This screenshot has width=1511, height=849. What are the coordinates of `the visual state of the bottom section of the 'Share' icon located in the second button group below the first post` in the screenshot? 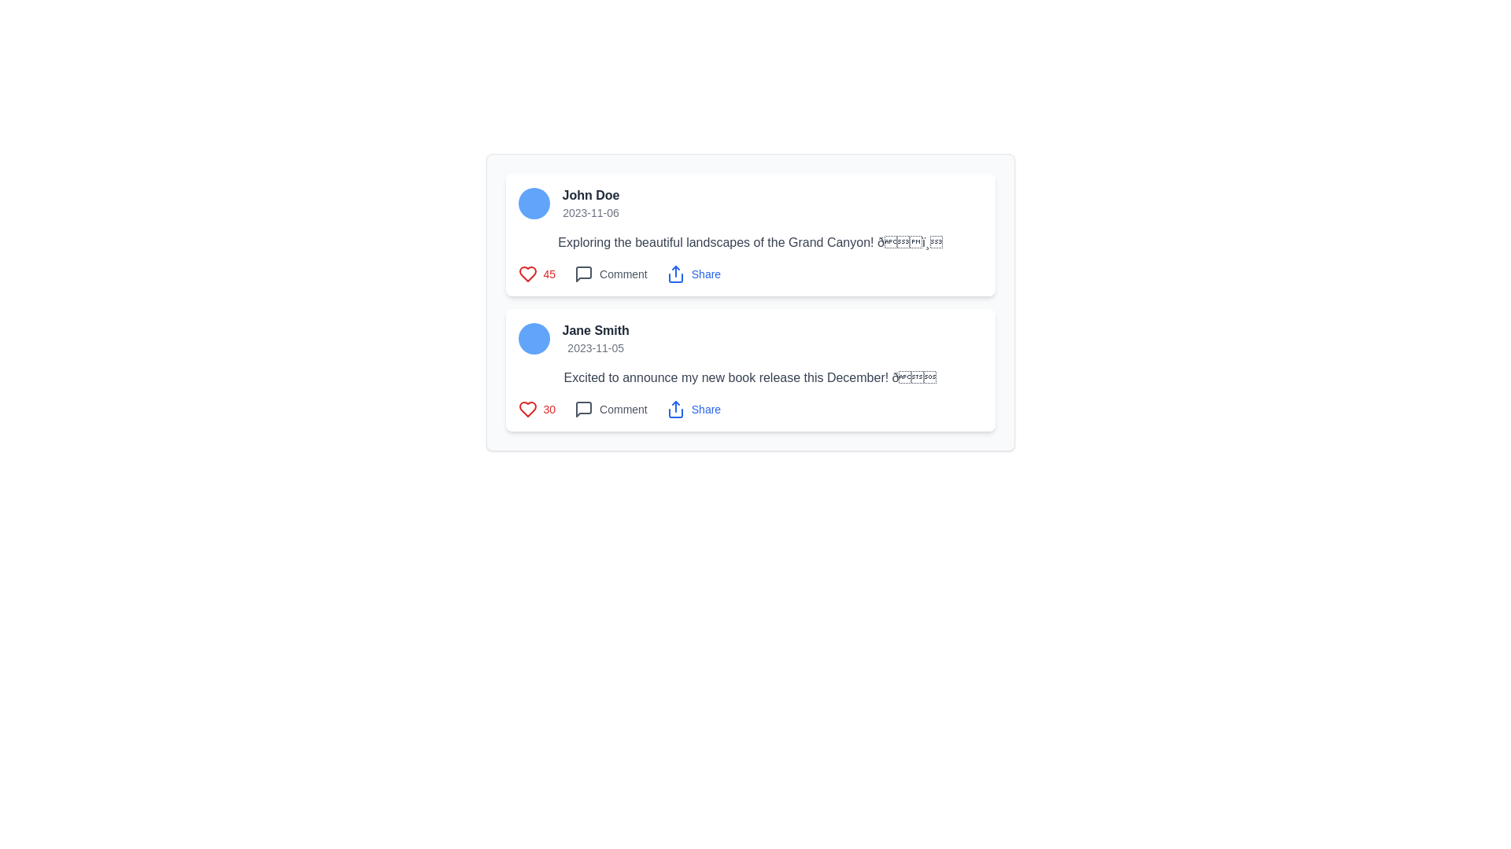 It's located at (675, 277).